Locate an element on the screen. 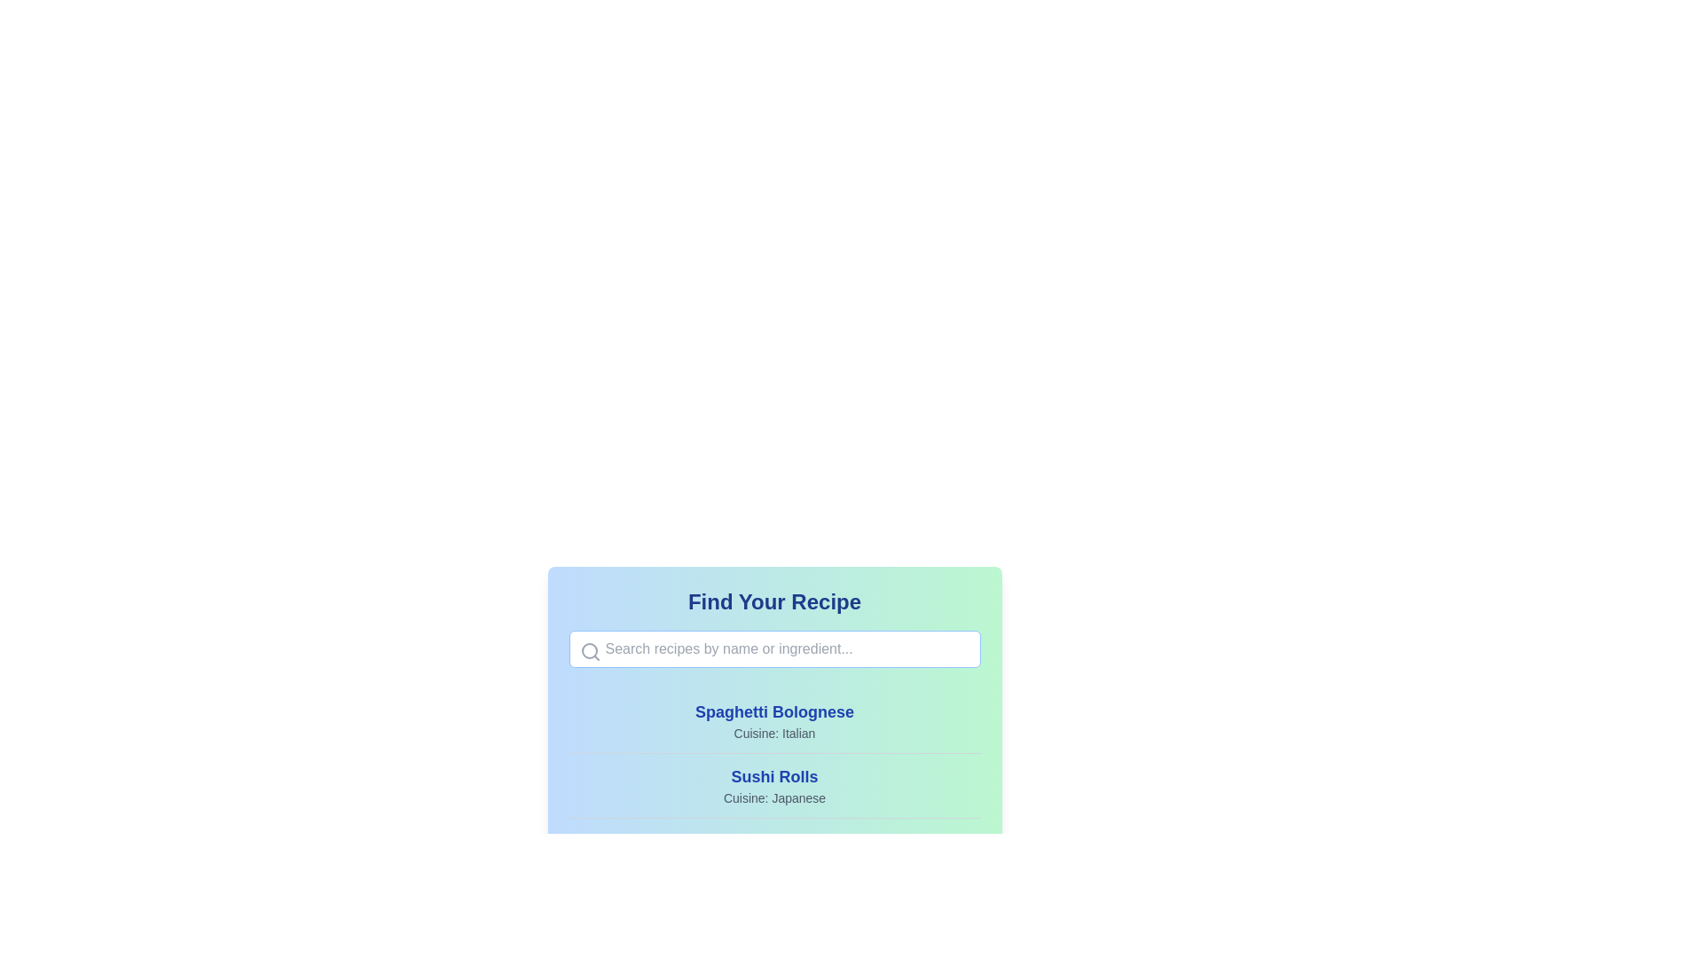 Image resolution: width=1703 pixels, height=958 pixels. individual list items in the vertical list displaying dish names and cuisine types, which are visually separated by dividers and contained within a gradient-colored card background is located at coordinates (774, 818).